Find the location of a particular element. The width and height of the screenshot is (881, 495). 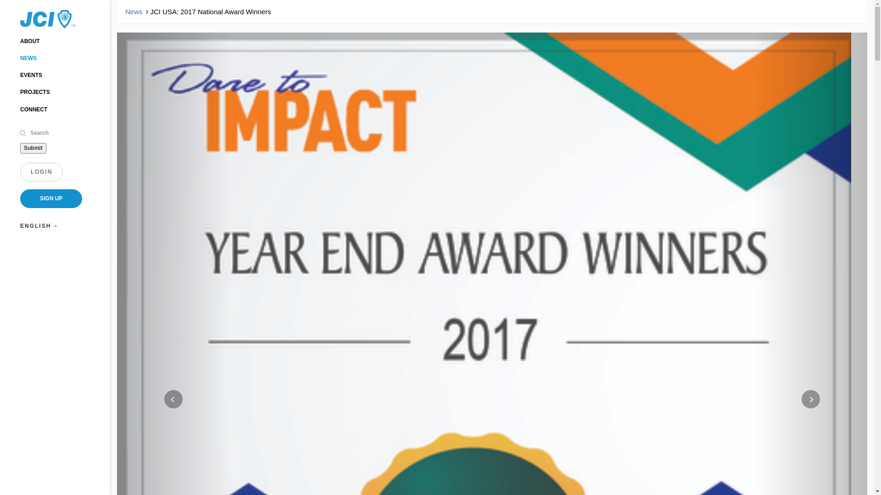

'ENGLISH' is located at coordinates (38, 226).